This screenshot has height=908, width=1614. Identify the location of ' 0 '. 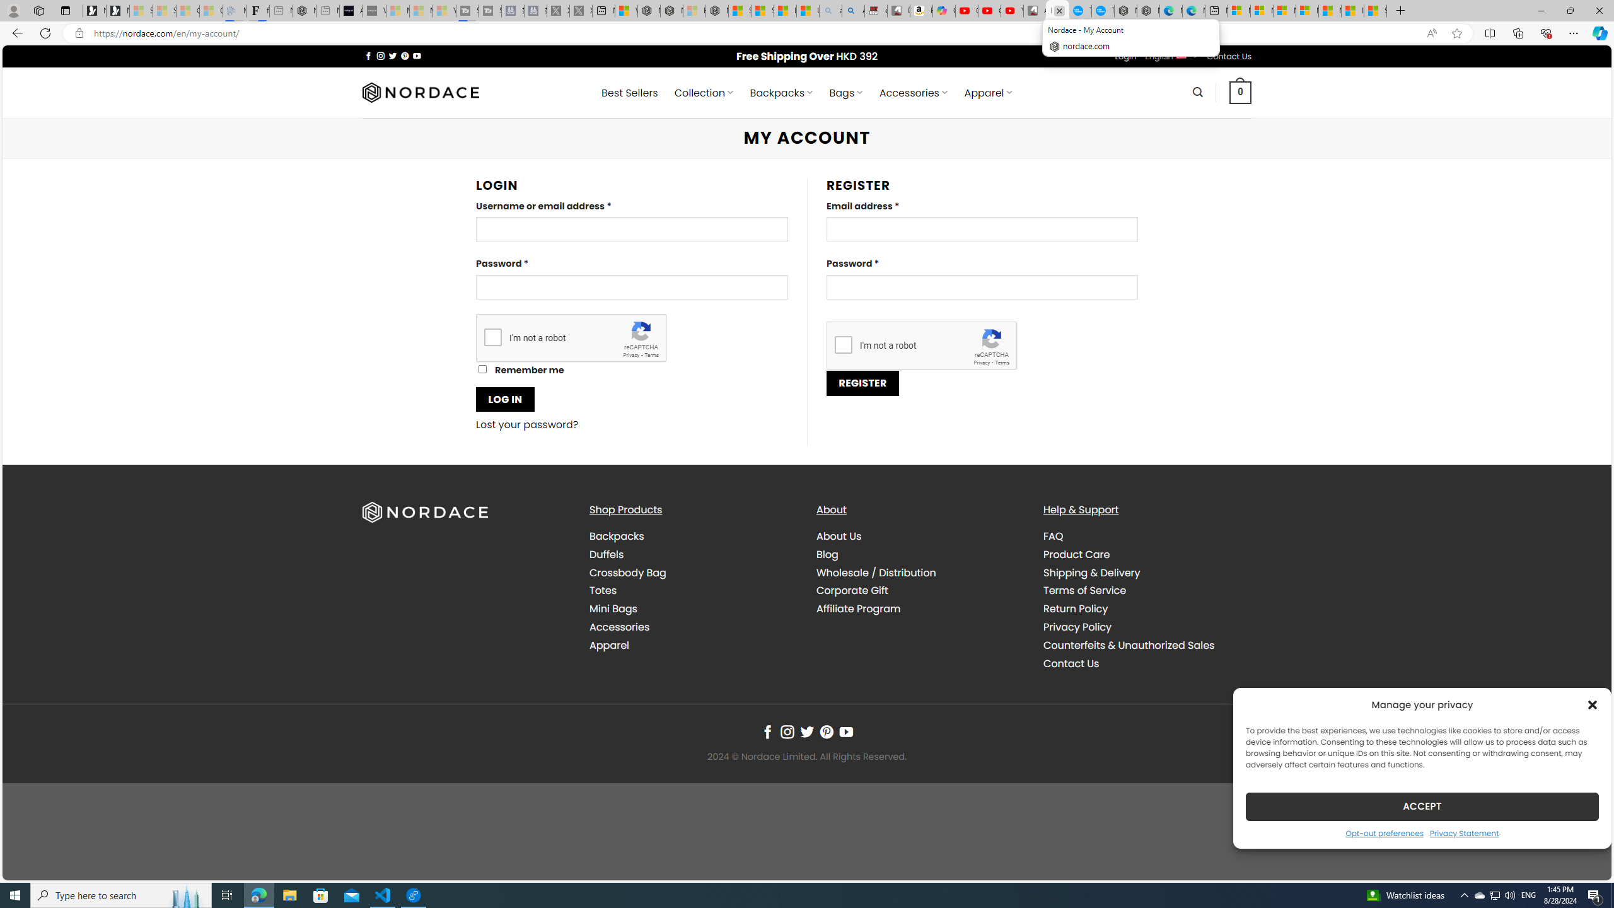
(1240, 91).